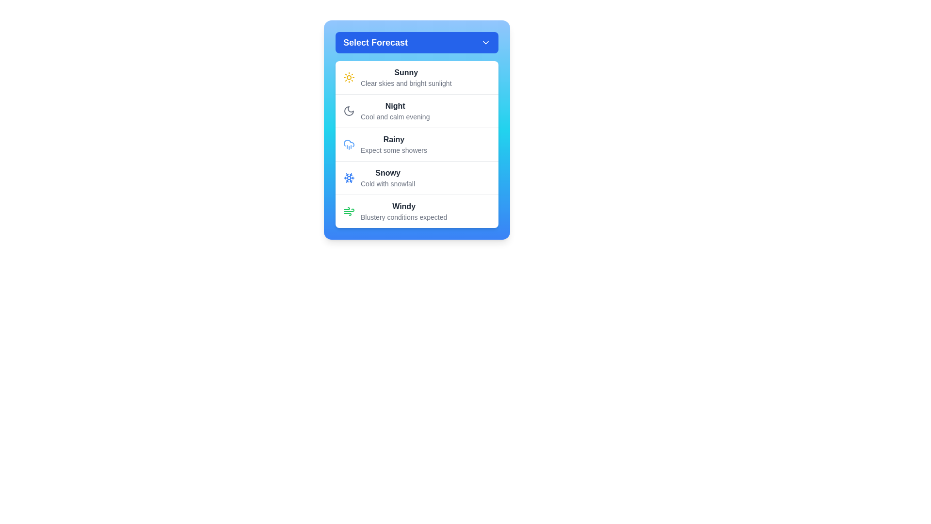  Describe the element at coordinates (347, 180) in the screenshot. I see `the diagonal blue line segment forming part of the stylized snowflake icon, located towards the bottom-right area of the snowflake structure and under the 'Snowy' list item in the dropdown menu` at that location.